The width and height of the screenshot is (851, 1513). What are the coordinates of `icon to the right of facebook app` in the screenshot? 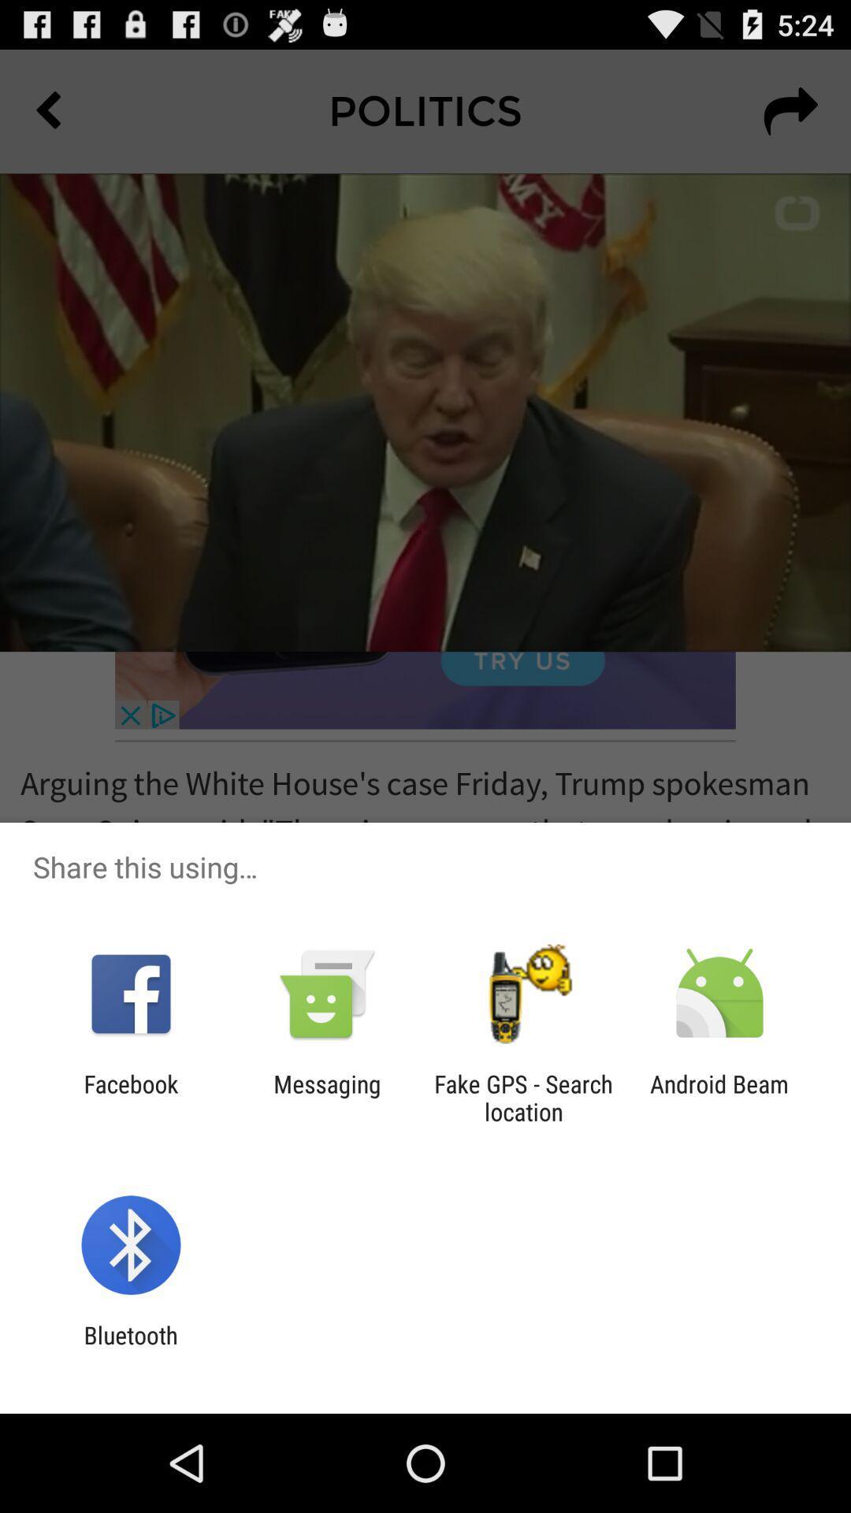 It's located at (326, 1097).